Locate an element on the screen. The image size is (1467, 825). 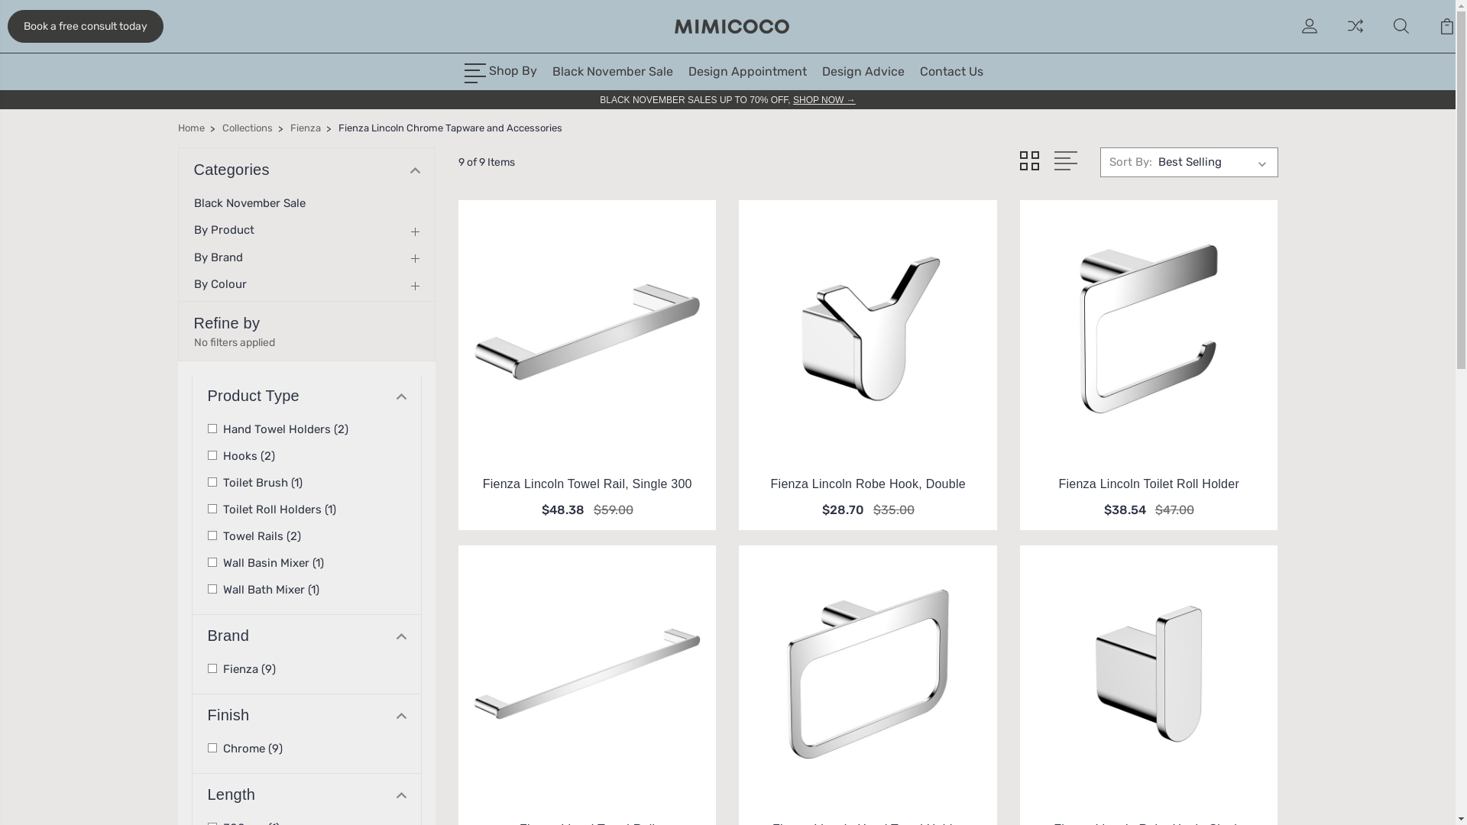
'By Colour' is located at coordinates (229, 283).